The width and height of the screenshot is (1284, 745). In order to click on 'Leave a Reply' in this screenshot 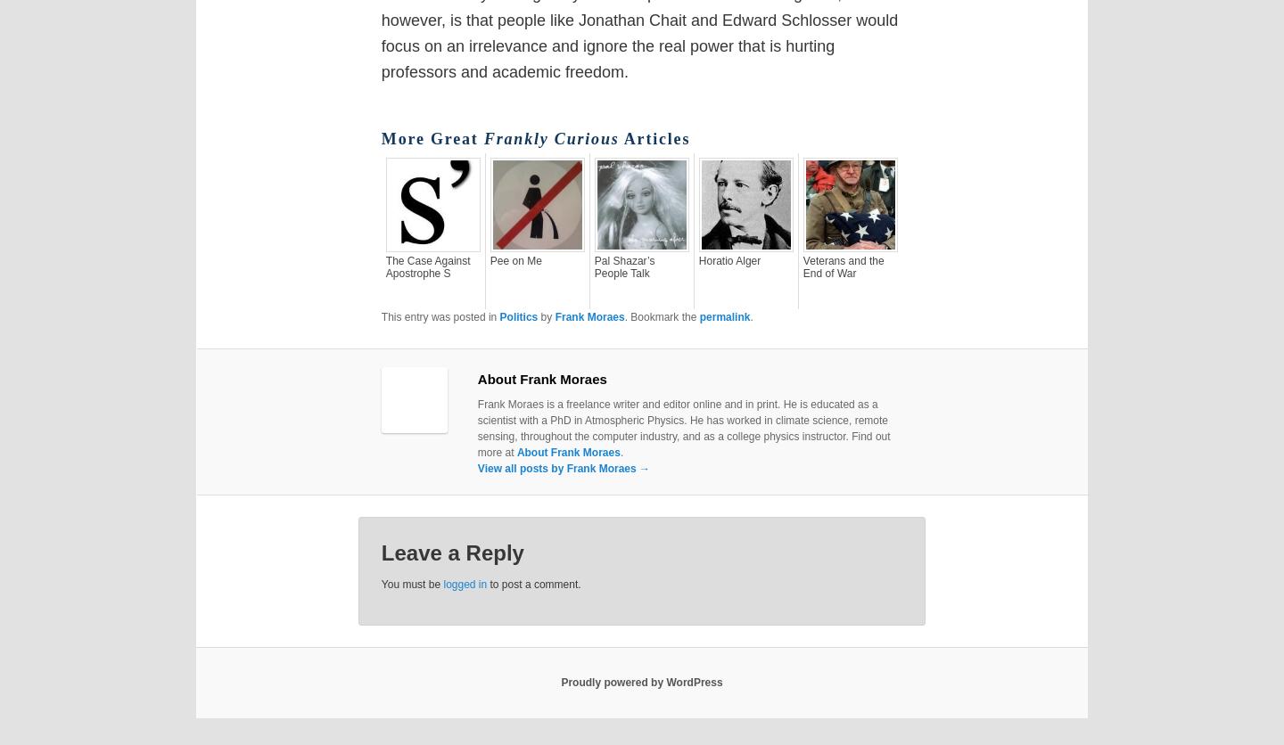, I will do `click(451, 551)`.